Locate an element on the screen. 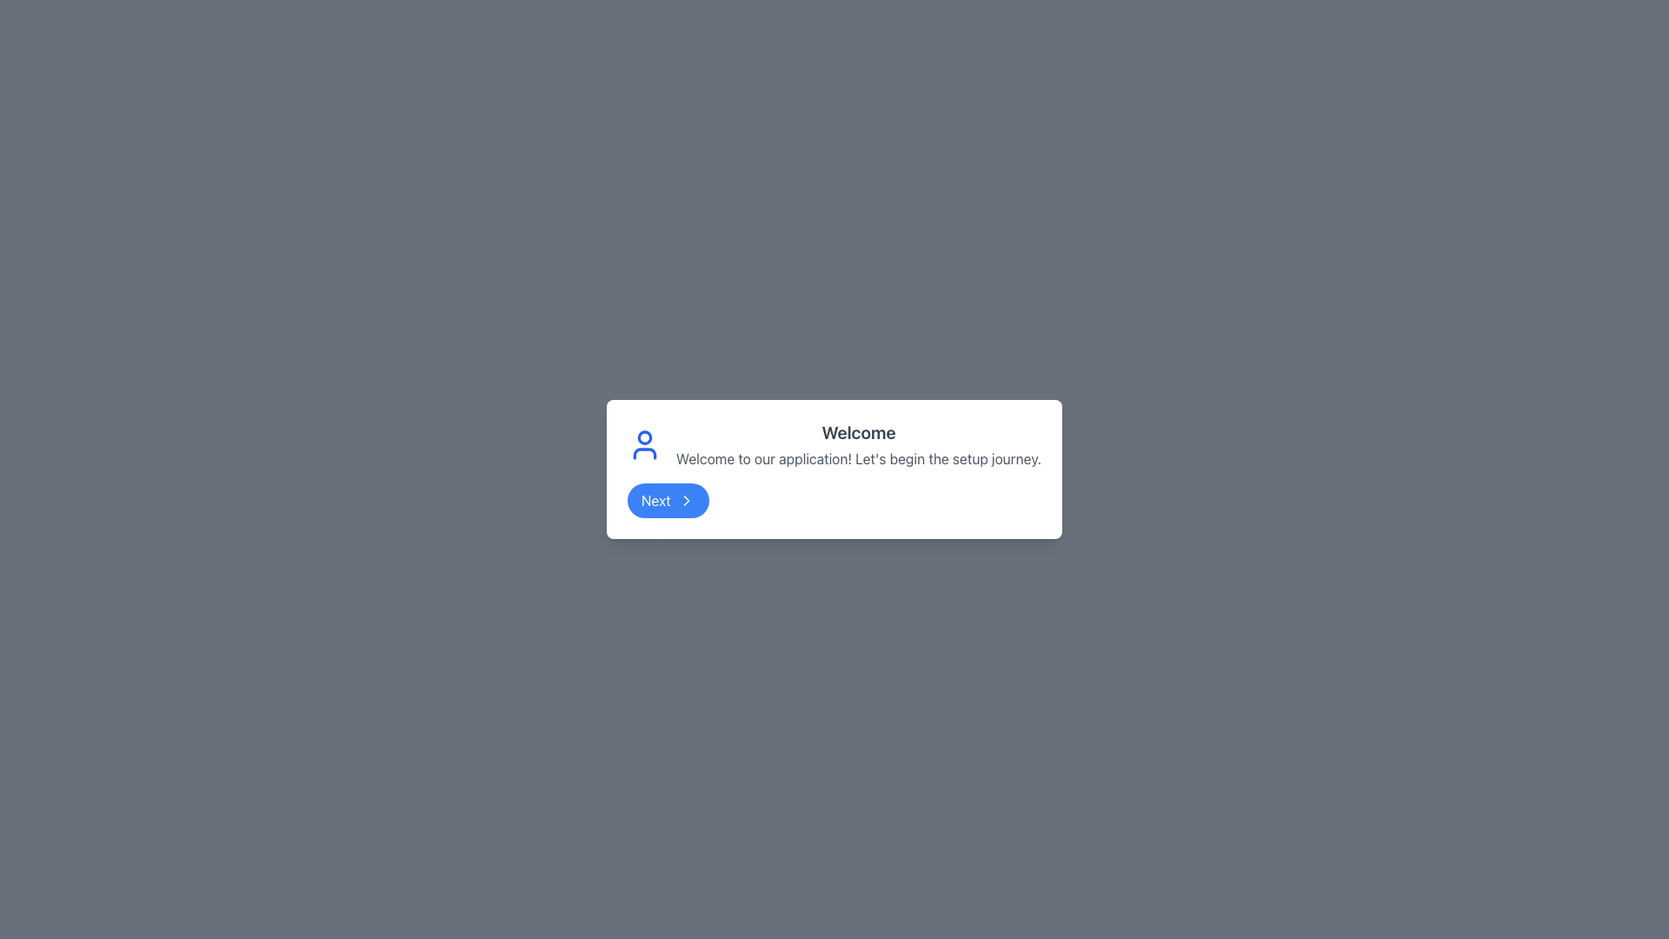 This screenshot has height=939, width=1669. the user profile icon, which is a blue stylized outline of a person's head and shoulders located to the far left of the welcome text in the welcome message section is located at coordinates (643, 444).